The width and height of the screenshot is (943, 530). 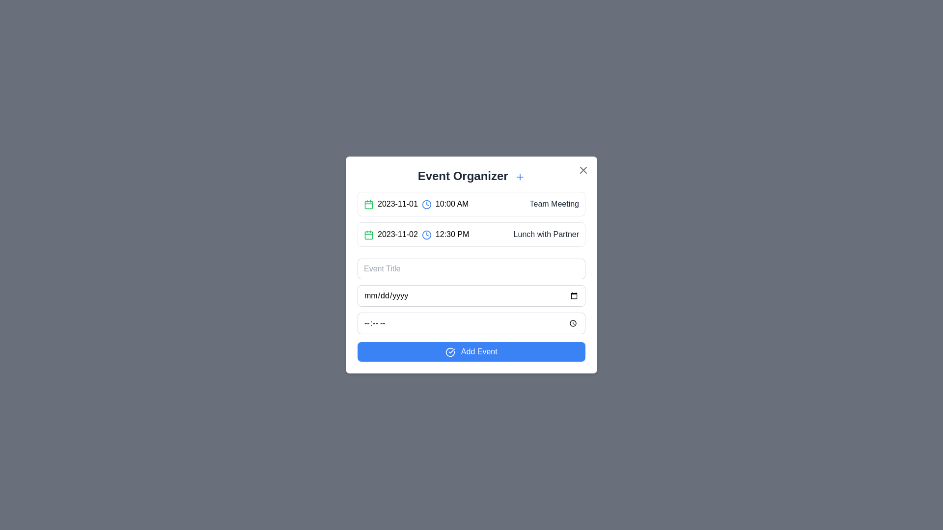 I want to click on calendar icon's main body located at the leftmost position in the second row of the event list, so click(x=368, y=204).